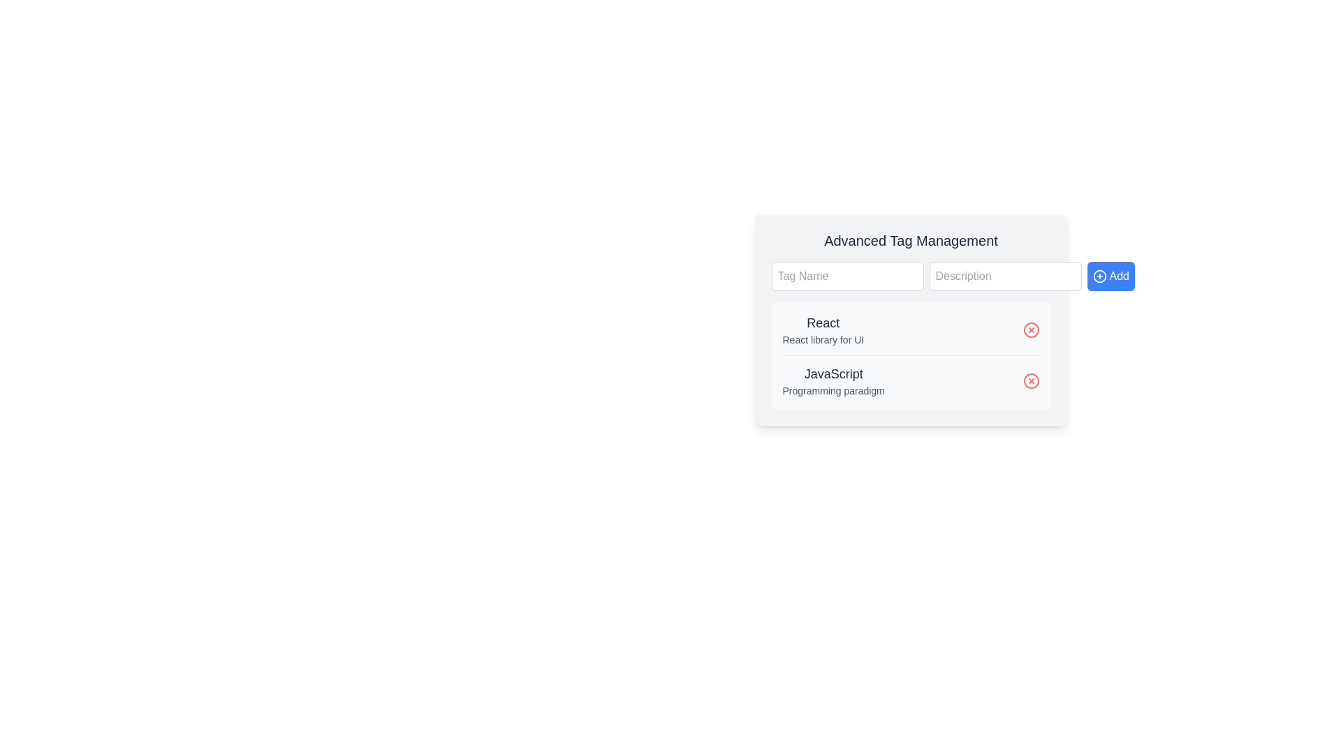  I want to click on the medium-sized bold text label displaying 'React' which is part of a larger list item in the 'Advanced Tag Management' panel, so click(823, 323).